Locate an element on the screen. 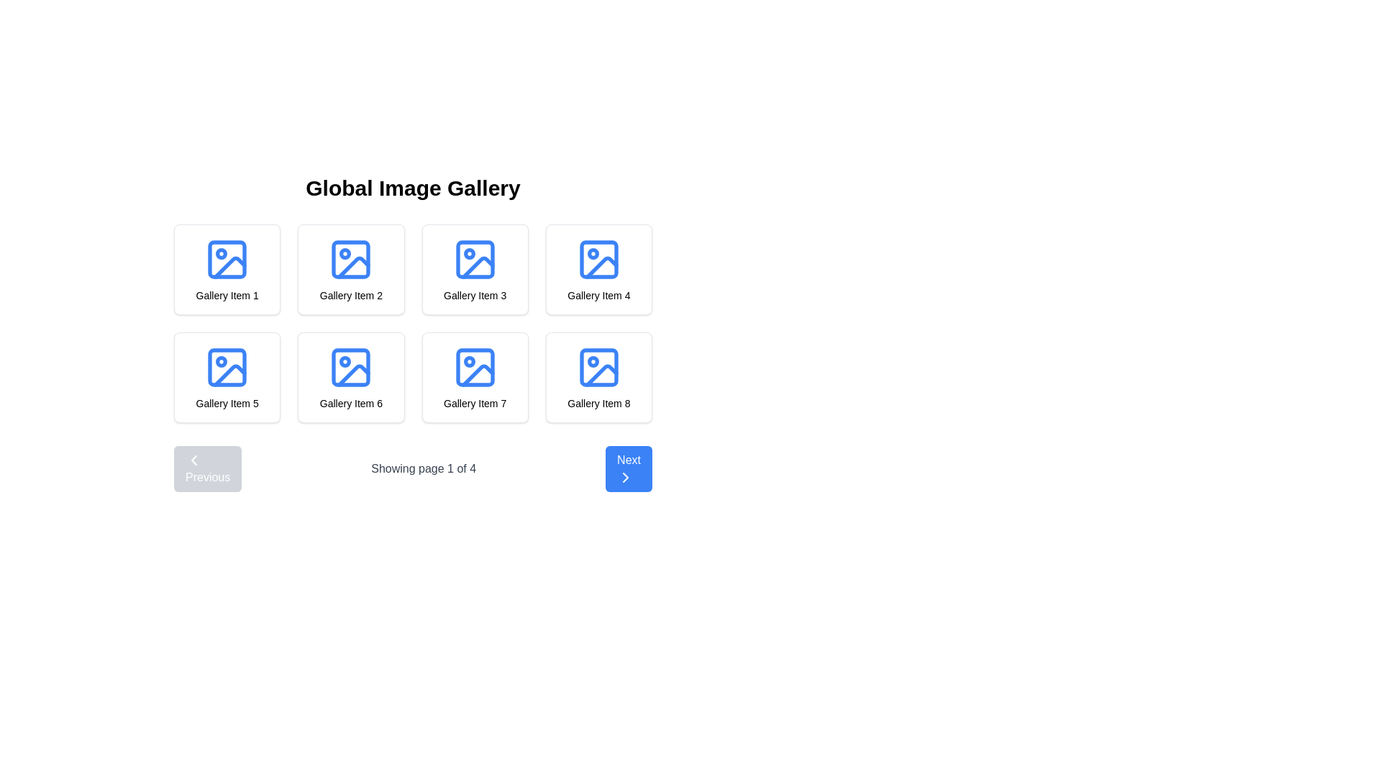 The image size is (1381, 777). the rectangular background element of the second gallery item in the top row of the gallery grid, which is part of an image icon is located at coordinates (351, 260).